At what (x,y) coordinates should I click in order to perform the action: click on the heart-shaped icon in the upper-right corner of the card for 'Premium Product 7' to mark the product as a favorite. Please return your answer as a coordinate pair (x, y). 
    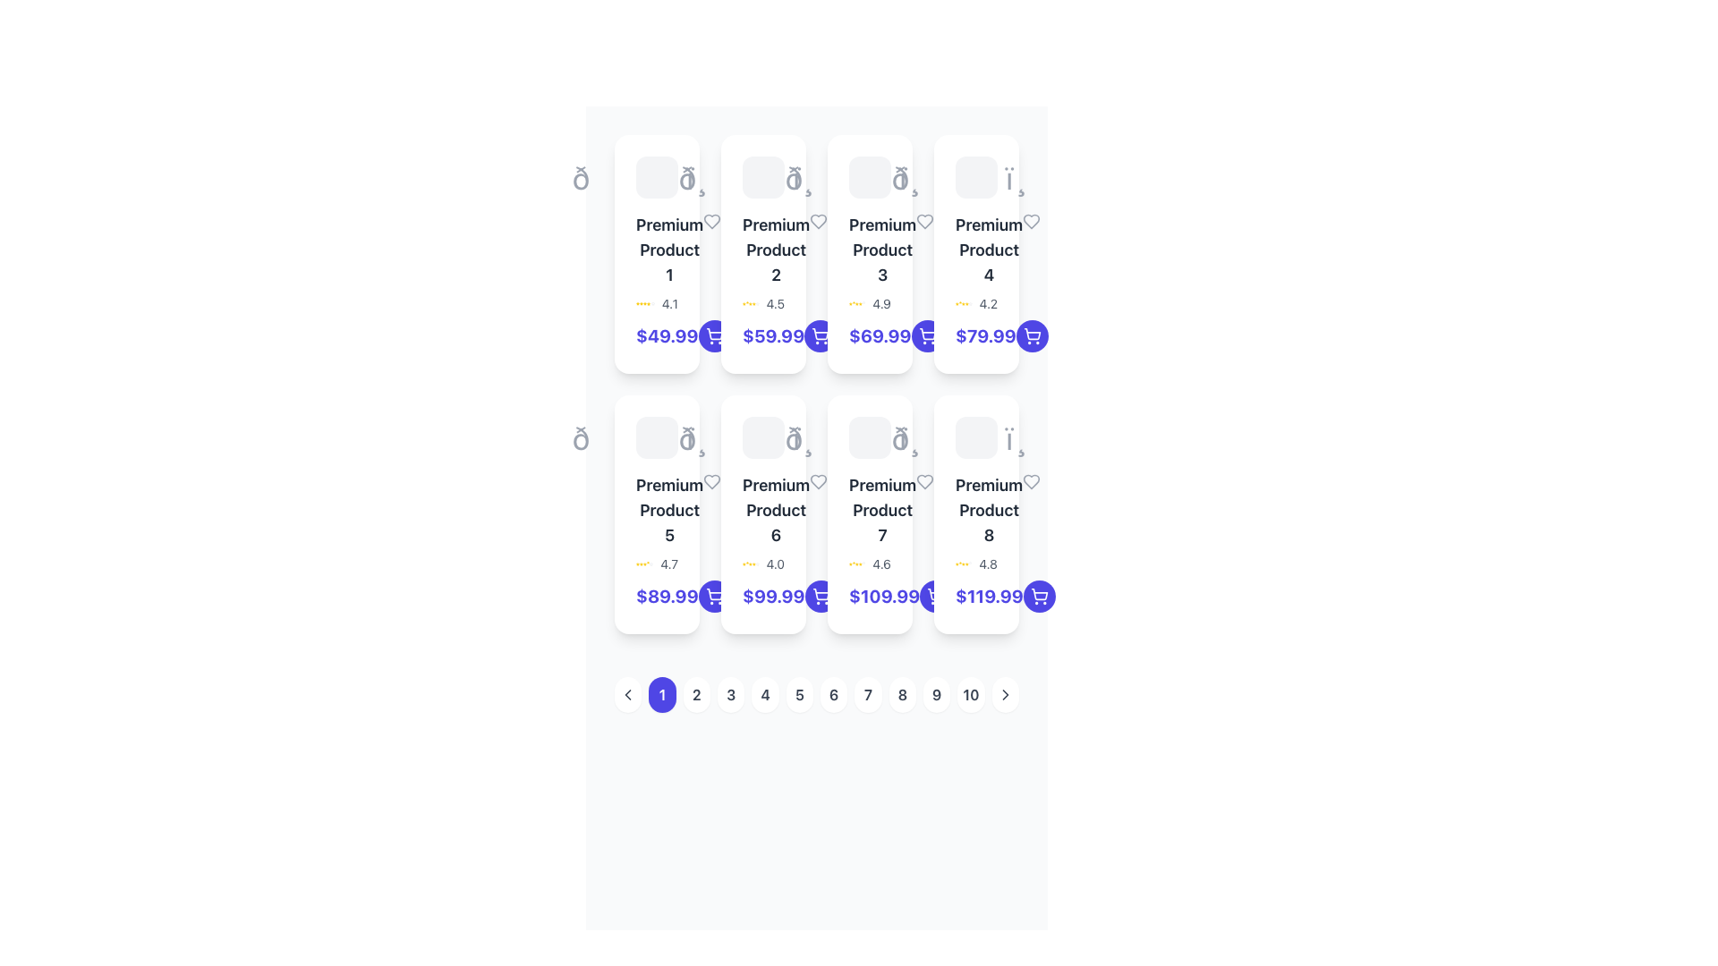
    Looking at the image, I should click on (925, 481).